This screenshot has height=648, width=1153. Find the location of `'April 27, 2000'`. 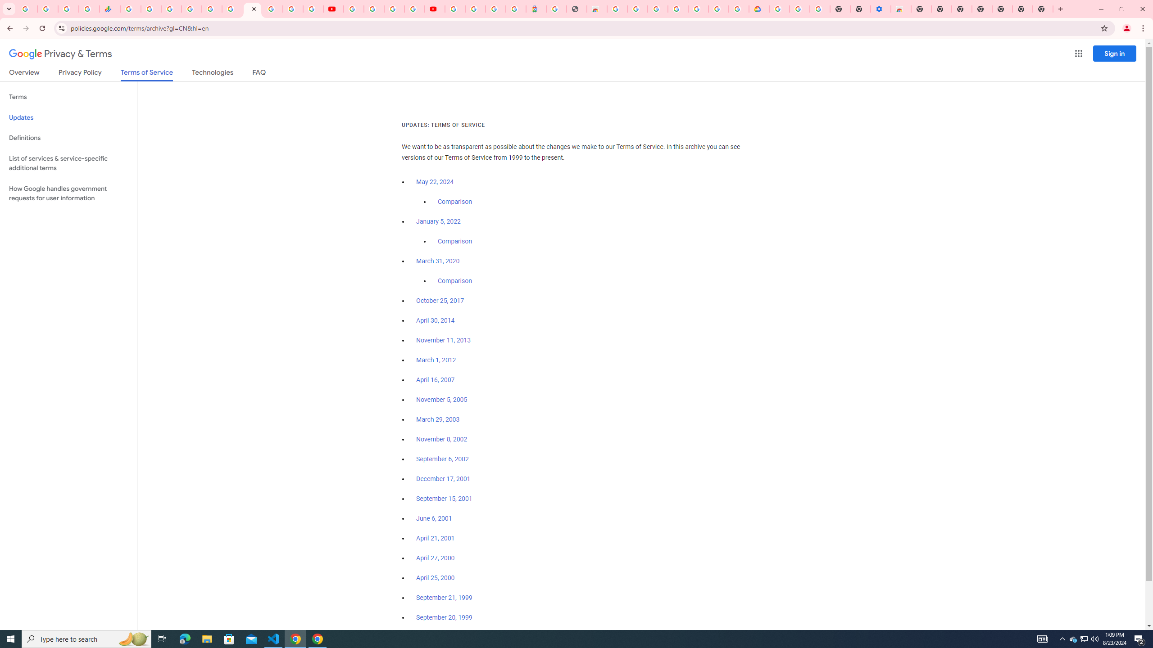

'April 27, 2000' is located at coordinates (435, 557).